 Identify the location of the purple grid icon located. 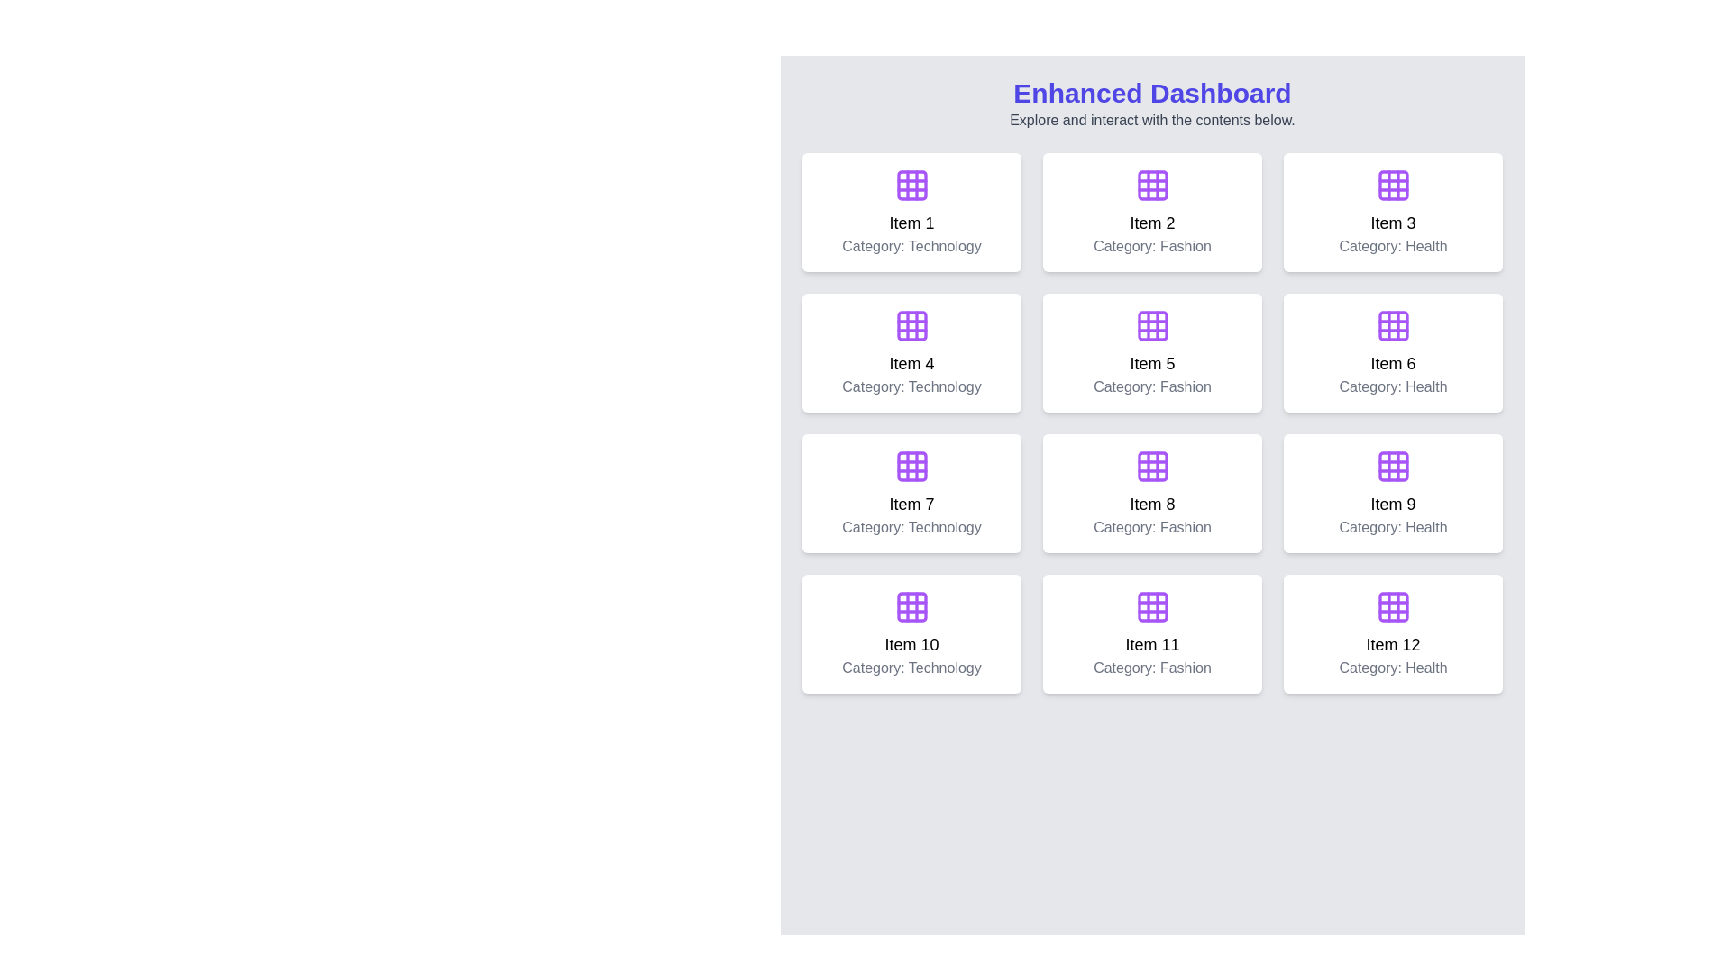
(1392, 326).